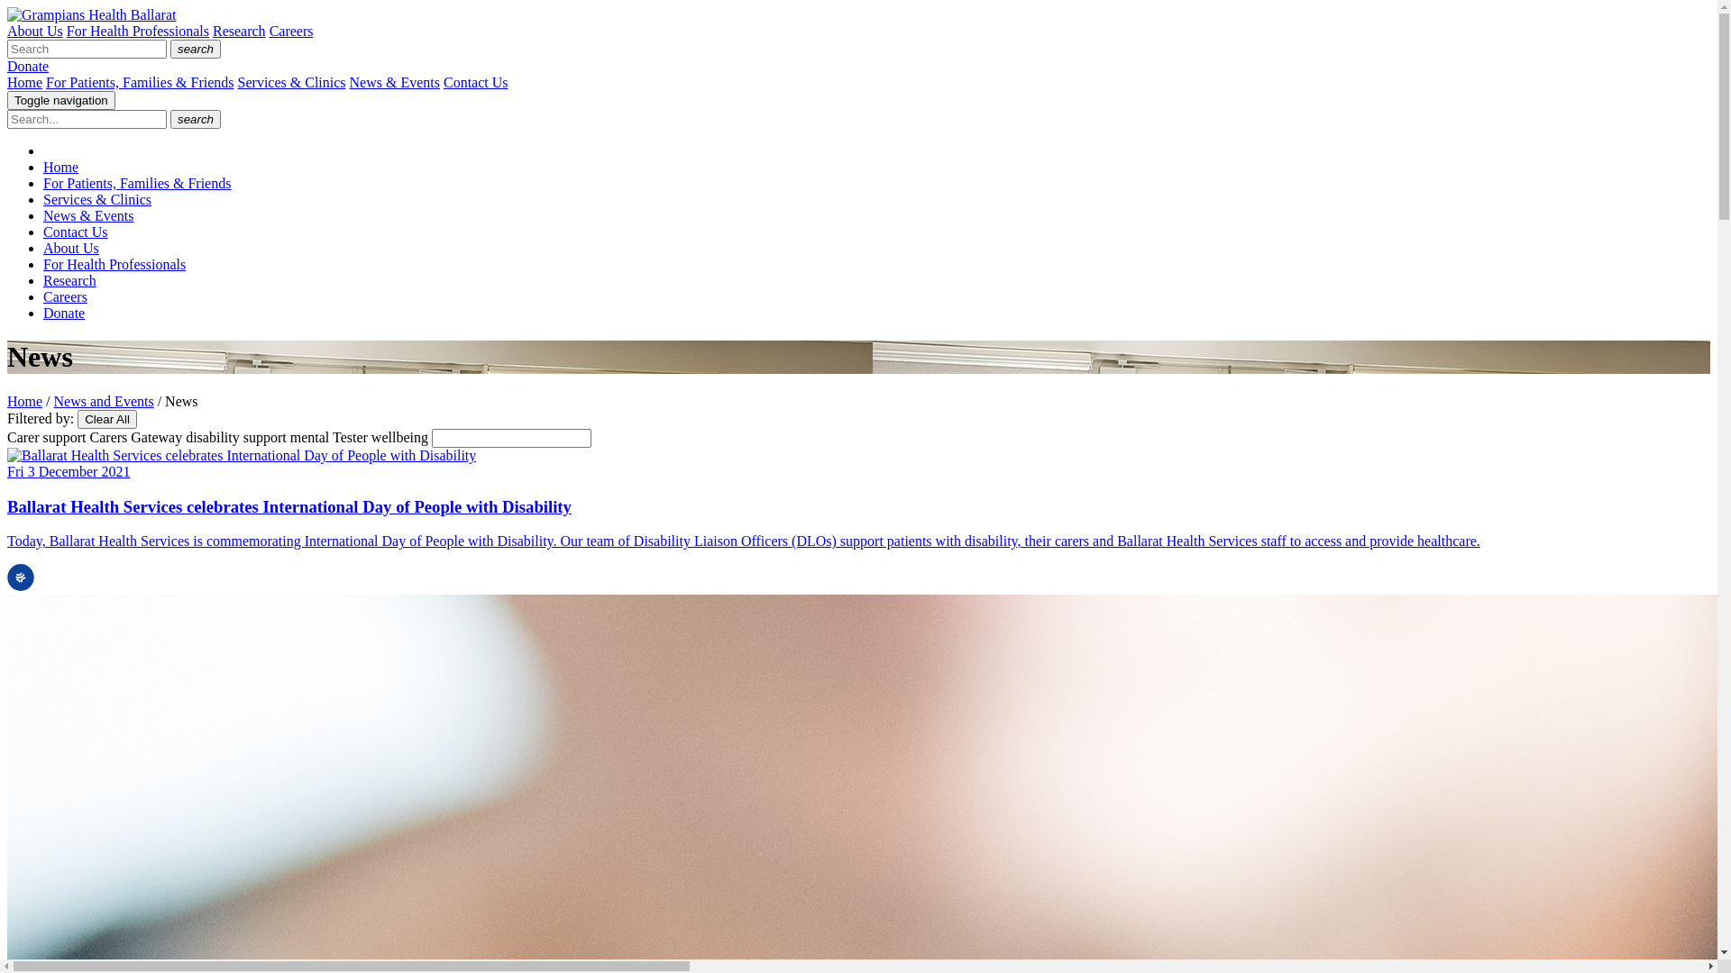 The height and width of the screenshot is (973, 1731). What do you see at coordinates (238, 31) in the screenshot?
I see `'Research'` at bounding box center [238, 31].